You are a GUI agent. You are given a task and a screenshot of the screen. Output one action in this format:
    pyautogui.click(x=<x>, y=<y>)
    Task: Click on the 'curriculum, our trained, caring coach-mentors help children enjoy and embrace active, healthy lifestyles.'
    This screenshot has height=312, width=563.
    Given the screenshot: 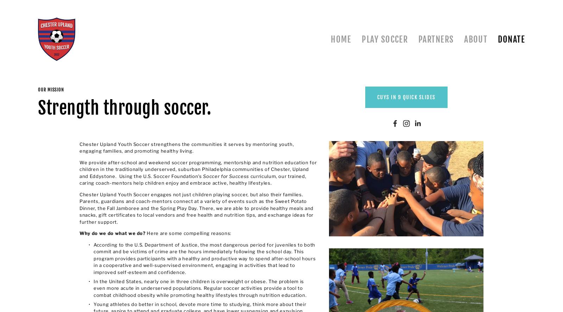 What is the action you would take?
    pyautogui.click(x=79, y=179)
    